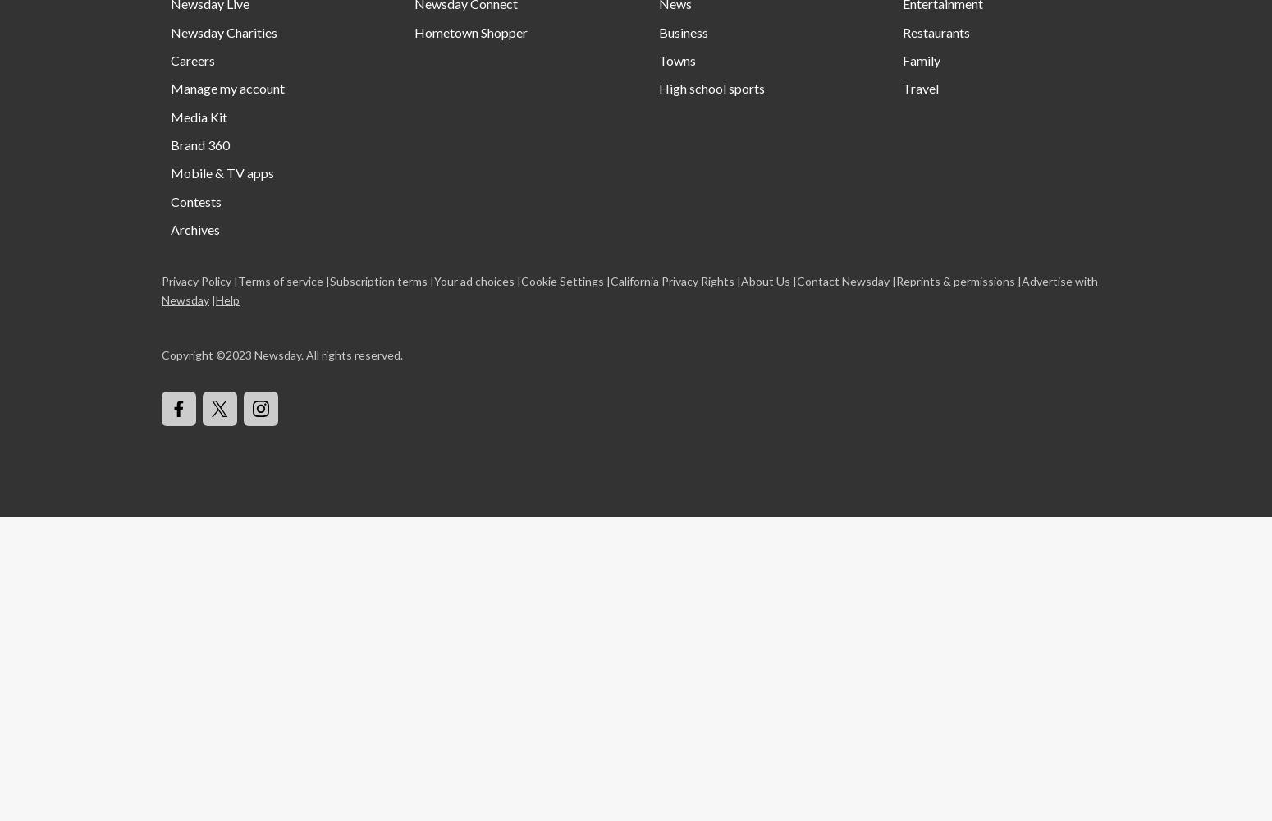 The height and width of the screenshot is (821, 1272). What do you see at coordinates (194, 229) in the screenshot?
I see `'Archives'` at bounding box center [194, 229].